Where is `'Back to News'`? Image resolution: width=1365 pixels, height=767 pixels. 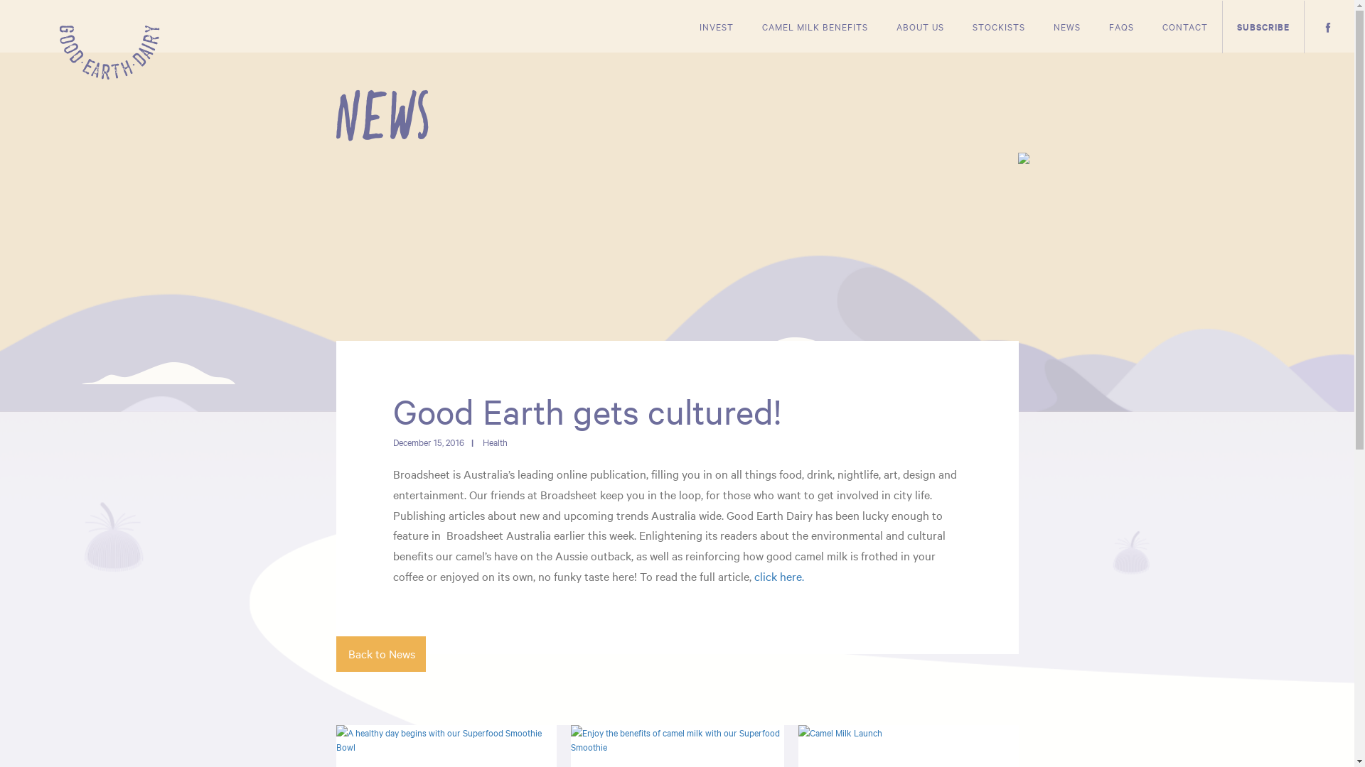
'Back to News' is located at coordinates (380, 654).